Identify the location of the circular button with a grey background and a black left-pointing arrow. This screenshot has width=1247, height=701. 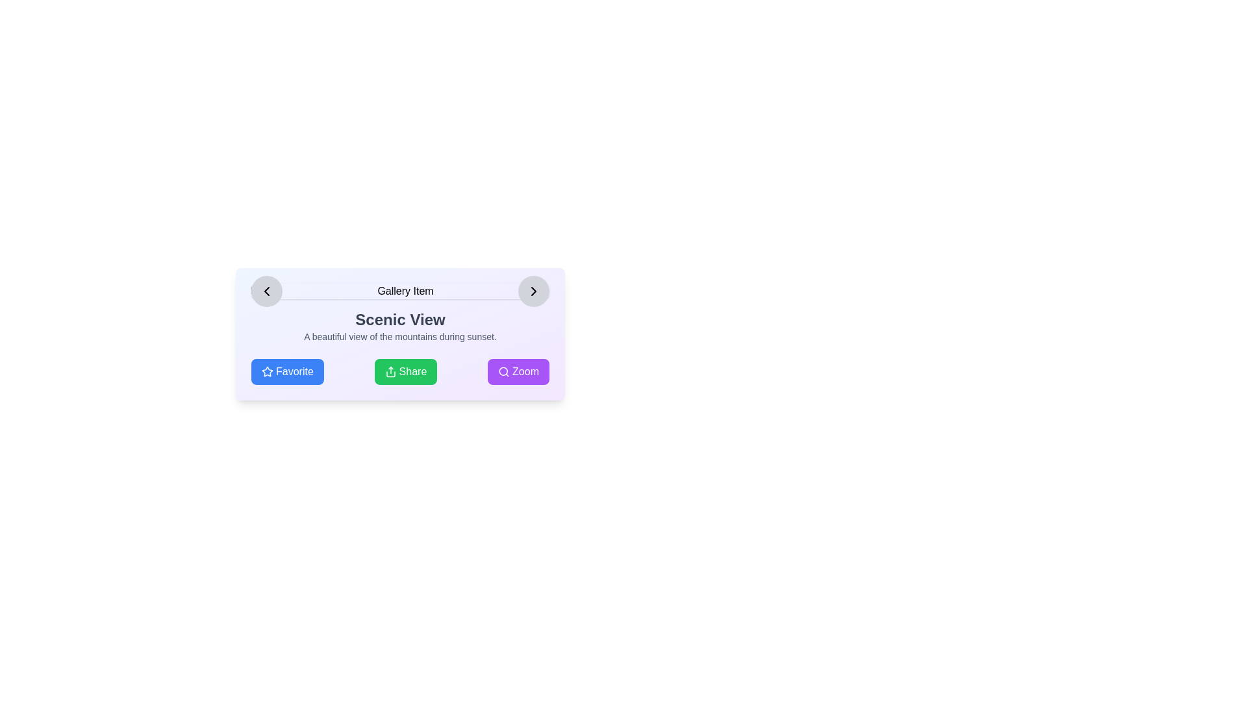
(266, 290).